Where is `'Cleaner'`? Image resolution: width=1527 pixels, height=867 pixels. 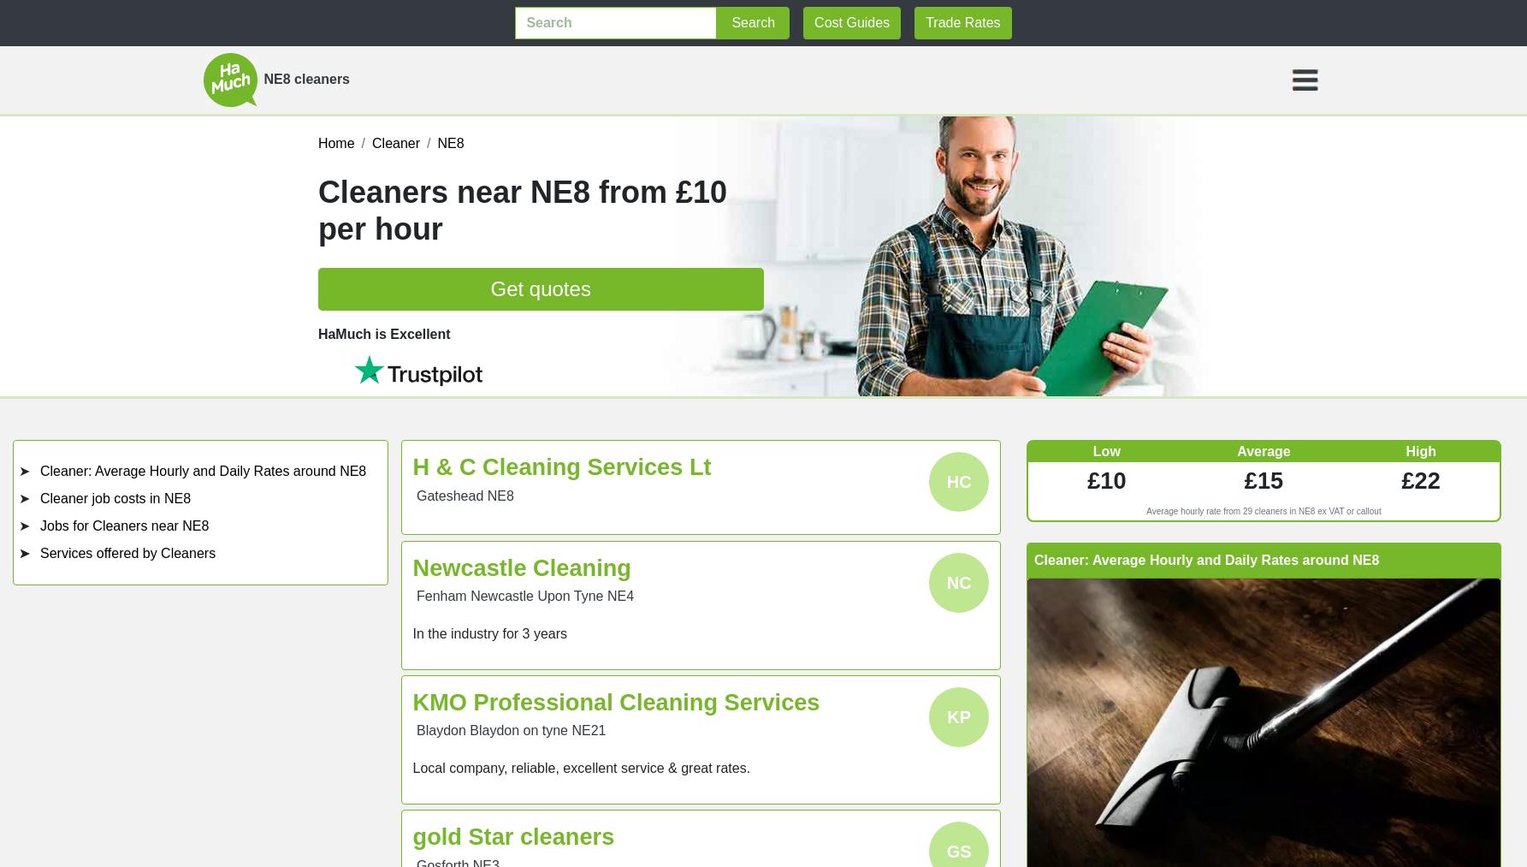
'Cleaner' is located at coordinates (395, 143).